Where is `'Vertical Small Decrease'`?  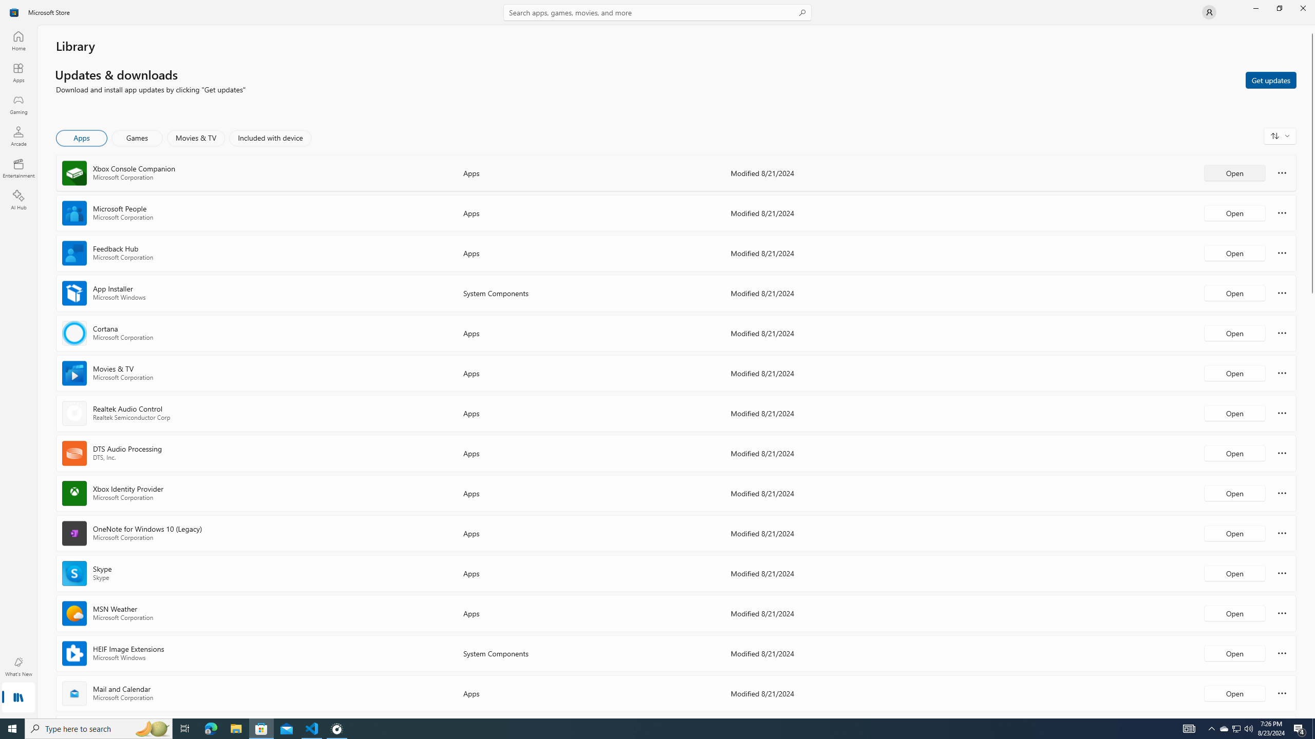
'Vertical Small Decrease' is located at coordinates (1311, 28).